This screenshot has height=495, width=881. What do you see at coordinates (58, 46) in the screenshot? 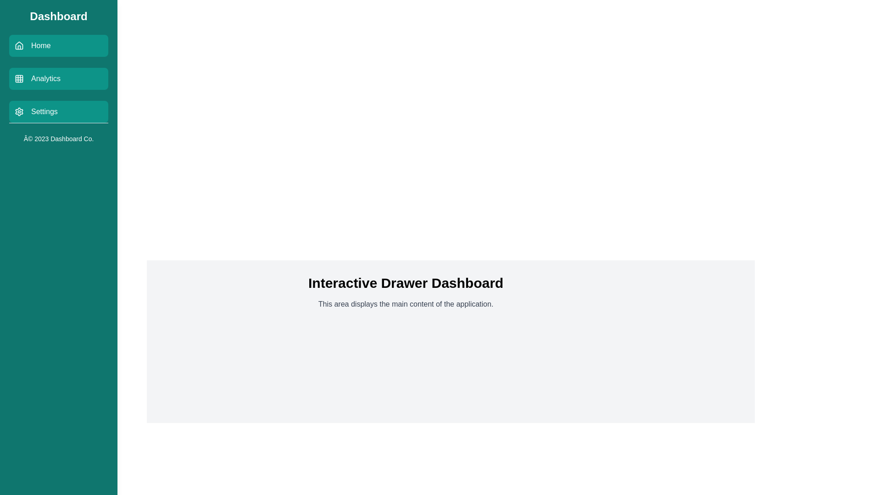
I see `the menu item labeled Home to navigate to the corresponding section` at bounding box center [58, 46].